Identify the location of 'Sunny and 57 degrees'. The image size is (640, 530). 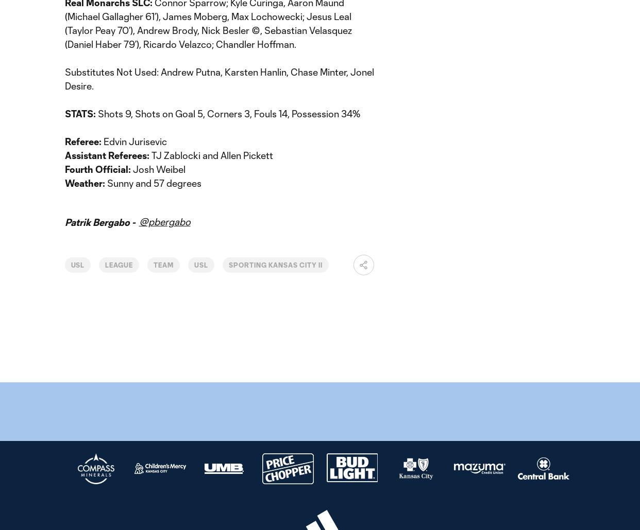
(107, 183).